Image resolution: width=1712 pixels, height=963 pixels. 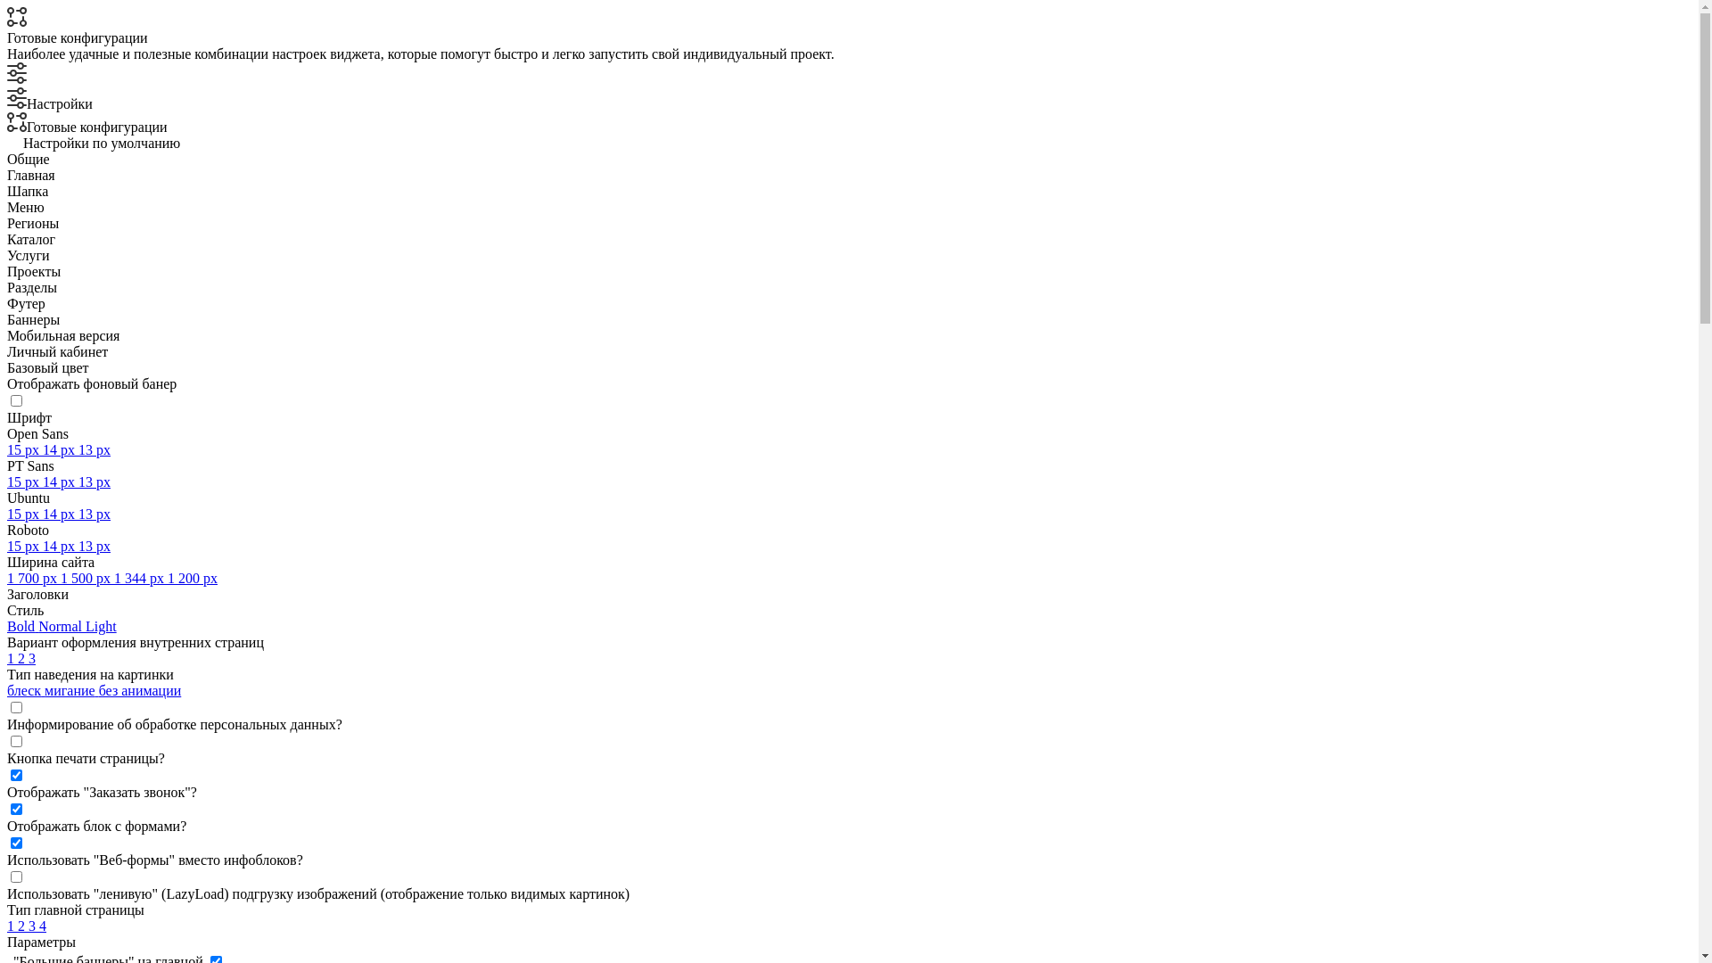 What do you see at coordinates (34, 925) in the screenshot?
I see `'3'` at bounding box center [34, 925].